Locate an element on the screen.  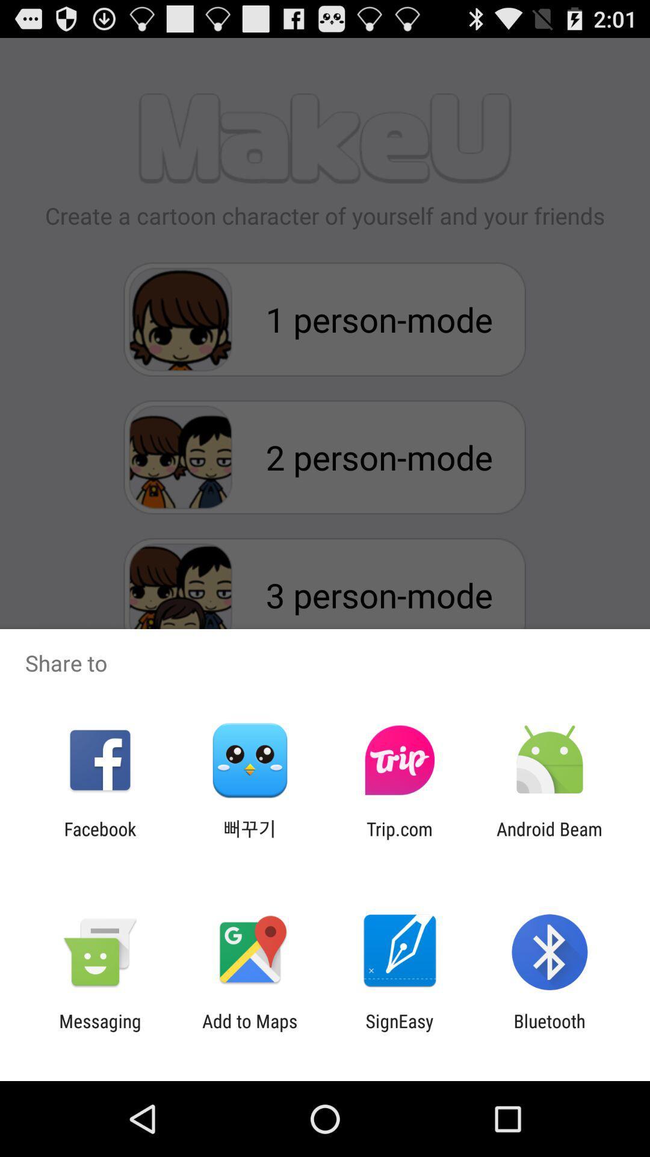
app to the left of trip.com icon is located at coordinates (249, 839).